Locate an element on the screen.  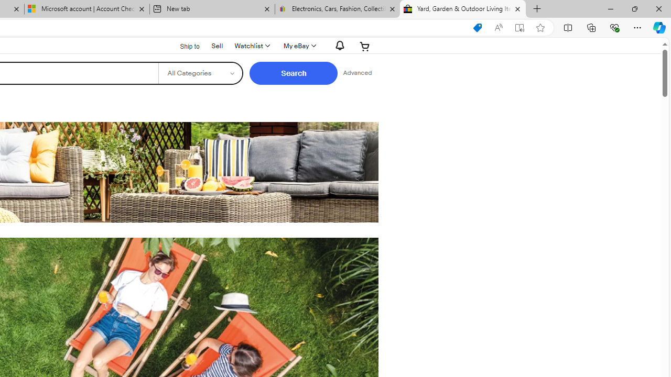
'Select a category for search' is located at coordinates (200, 73).